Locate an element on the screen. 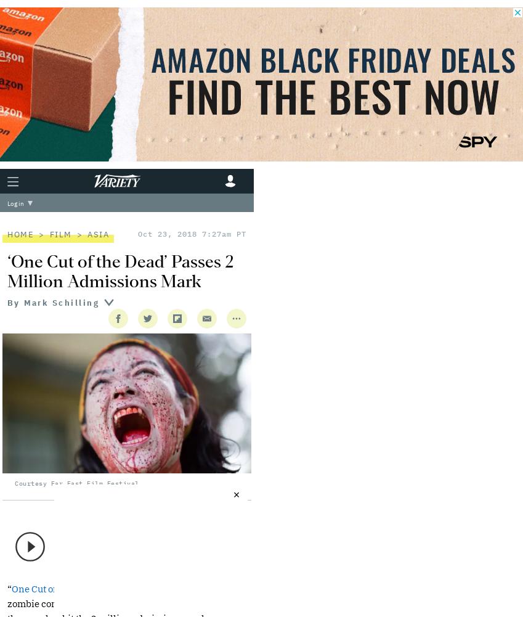  ',” the Shinichiro Ueda-directed zombie comedy that is' is located at coordinates (117, 595).